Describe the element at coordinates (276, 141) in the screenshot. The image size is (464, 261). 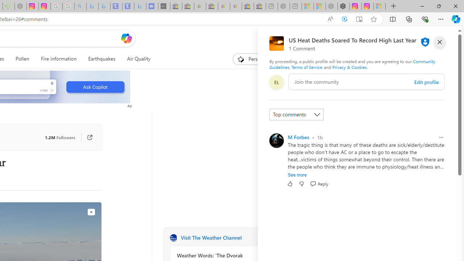
I see `'Profile Picture'` at that location.